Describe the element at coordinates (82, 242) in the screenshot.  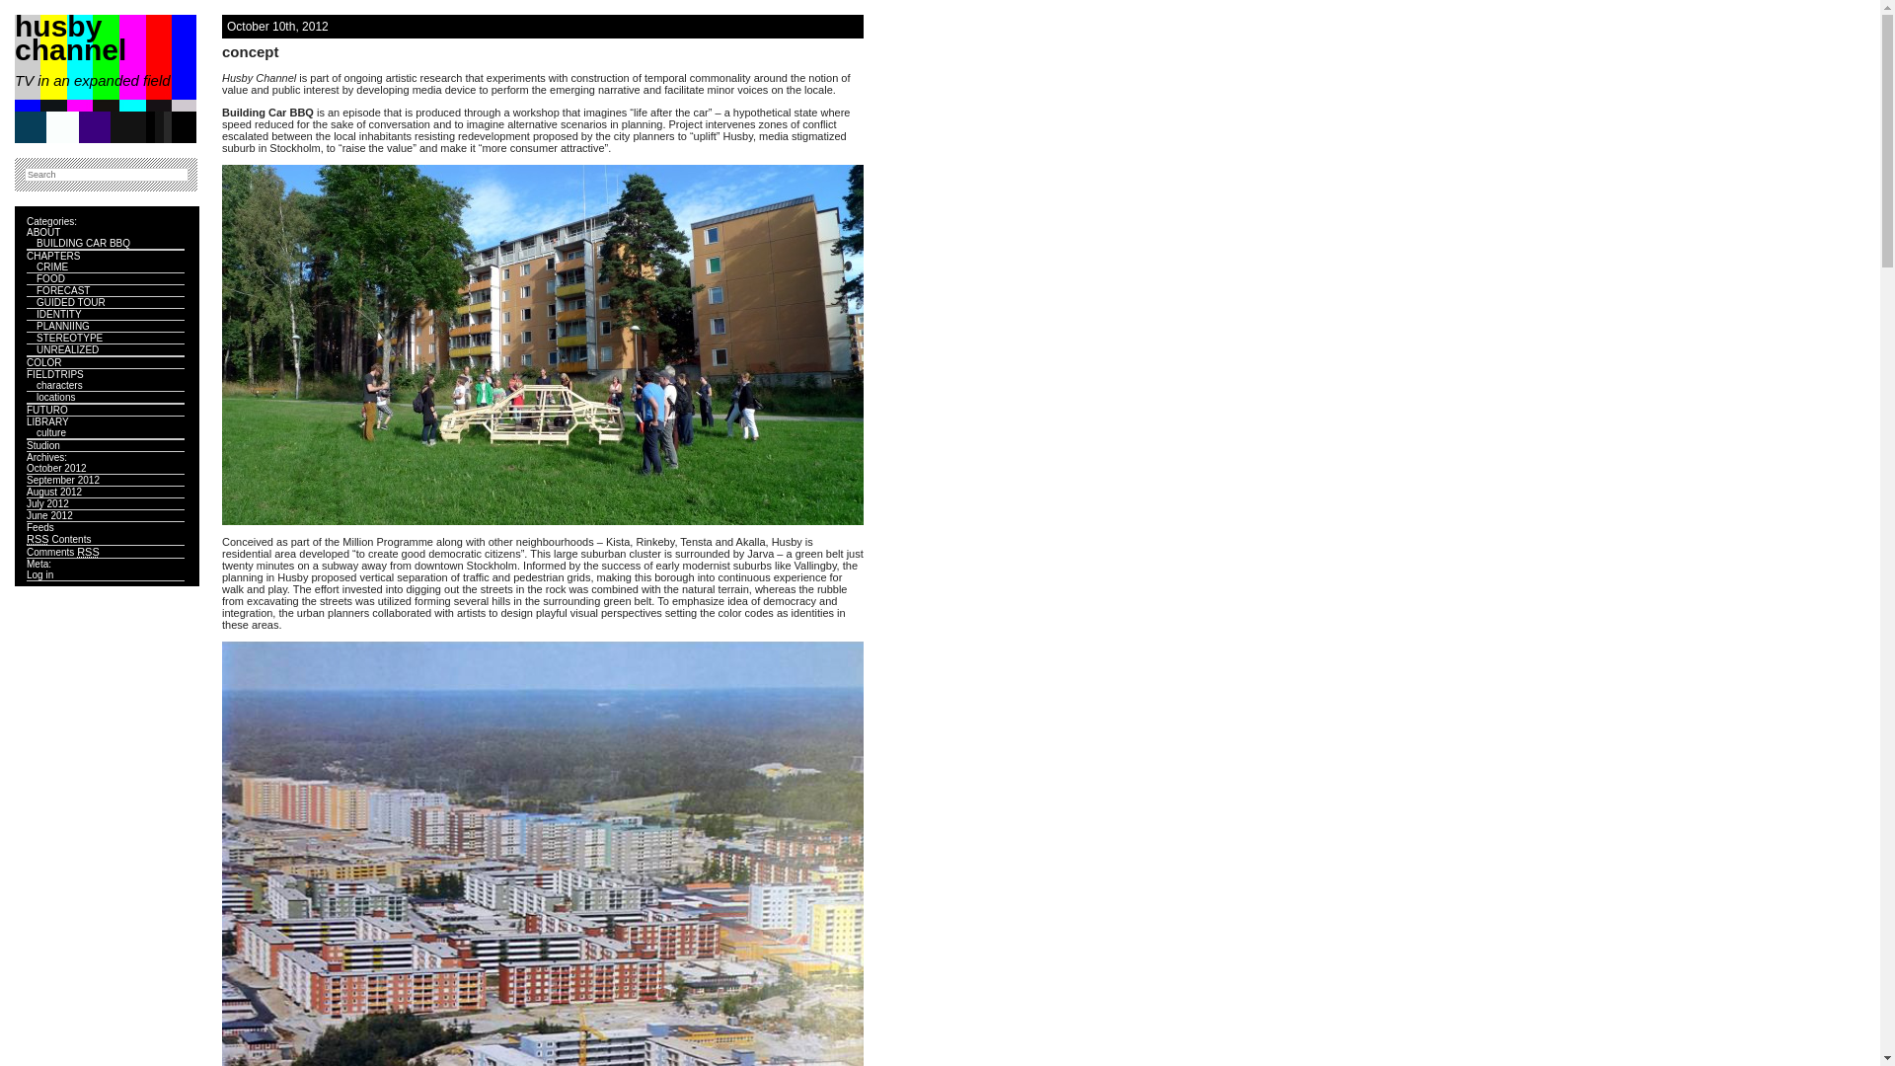
I see `'BUILDING CAR BBQ'` at that location.